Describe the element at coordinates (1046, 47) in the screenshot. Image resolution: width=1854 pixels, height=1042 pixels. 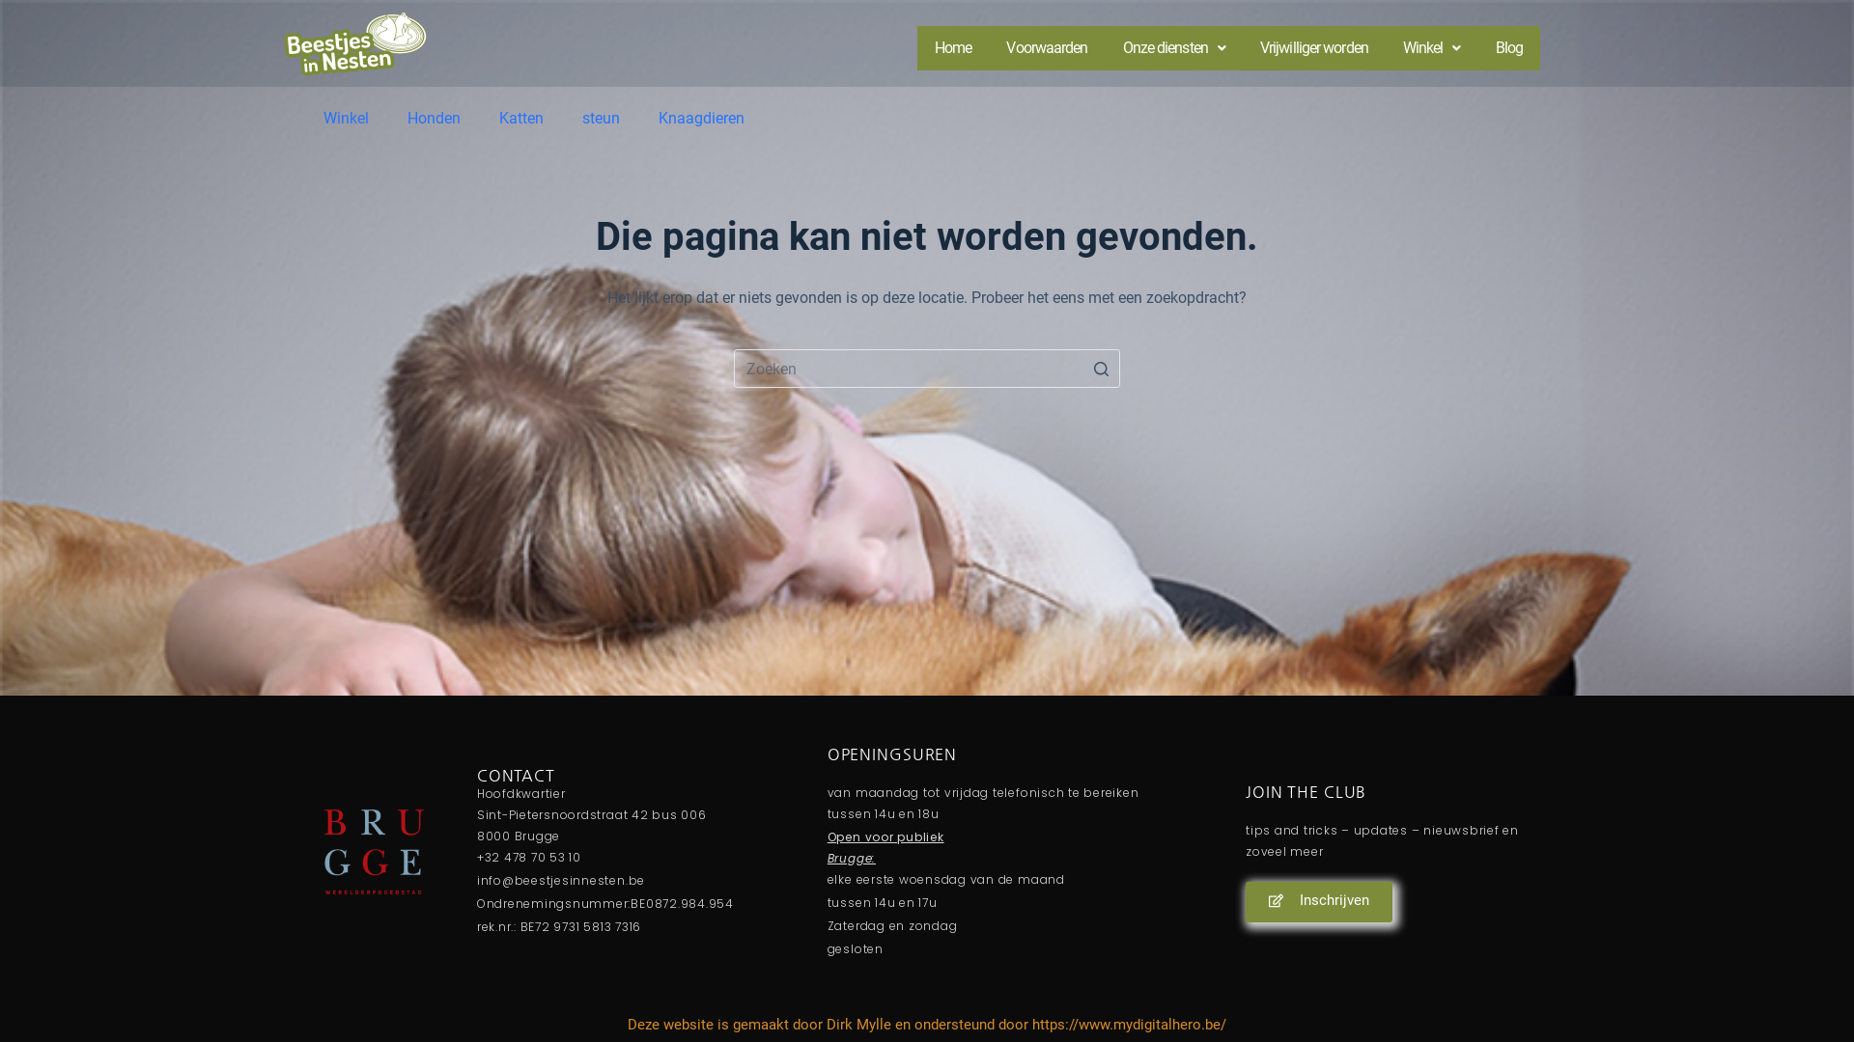
I see `'Voorwaarden'` at that location.